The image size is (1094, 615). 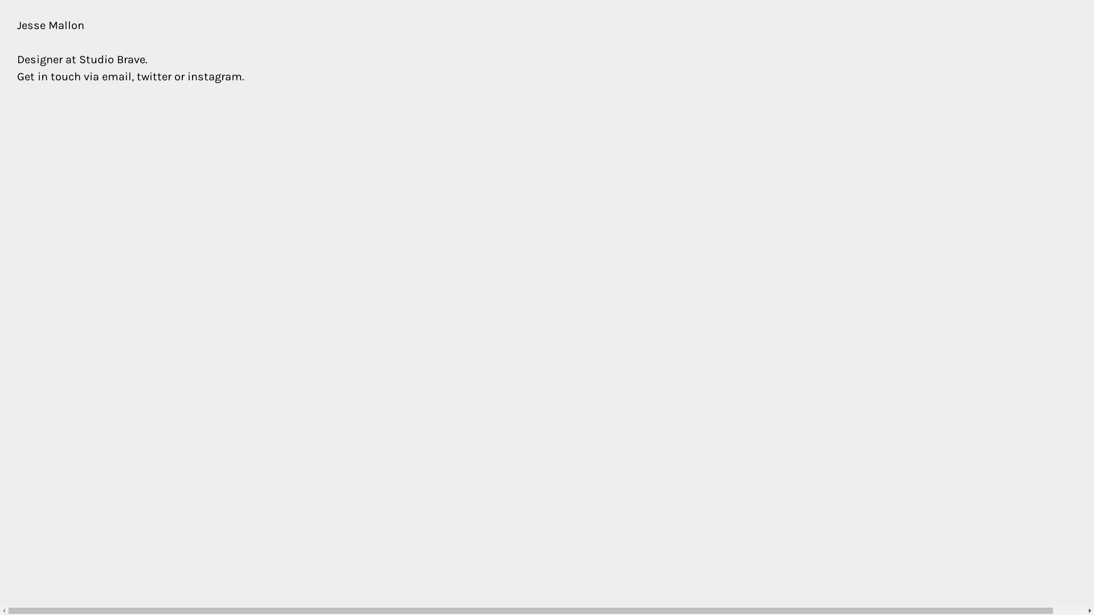 I want to click on 'instagram', so click(x=215, y=76).